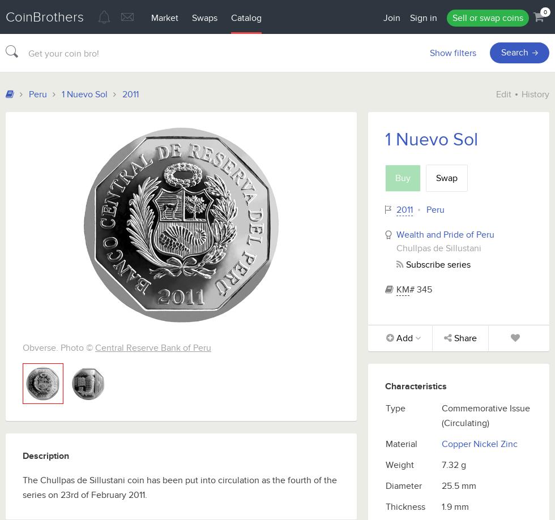 Image resolution: width=555 pixels, height=520 pixels. What do you see at coordinates (404, 338) in the screenshot?
I see `'Add'` at bounding box center [404, 338].